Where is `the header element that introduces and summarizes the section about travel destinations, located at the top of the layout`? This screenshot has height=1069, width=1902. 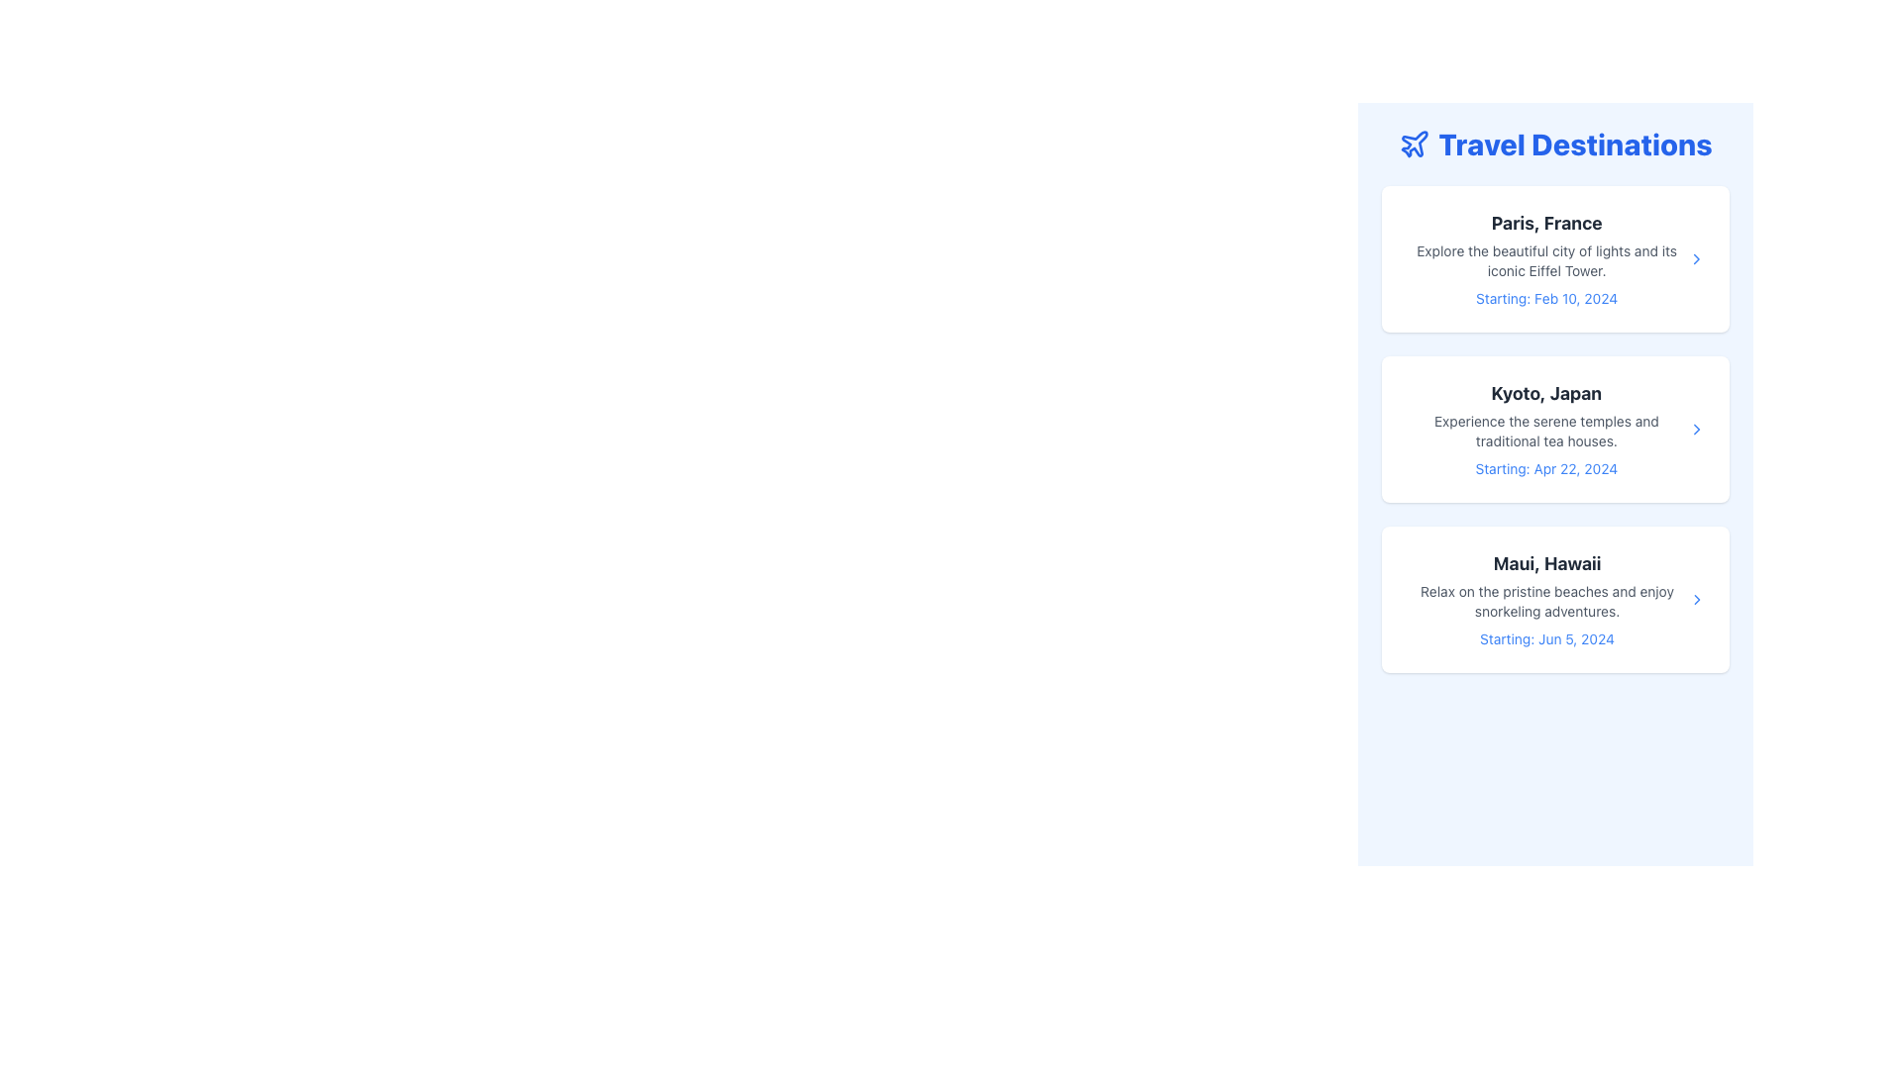 the header element that introduces and summarizes the section about travel destinations, located at the top of the layout is located at coordinates (1554, 144).